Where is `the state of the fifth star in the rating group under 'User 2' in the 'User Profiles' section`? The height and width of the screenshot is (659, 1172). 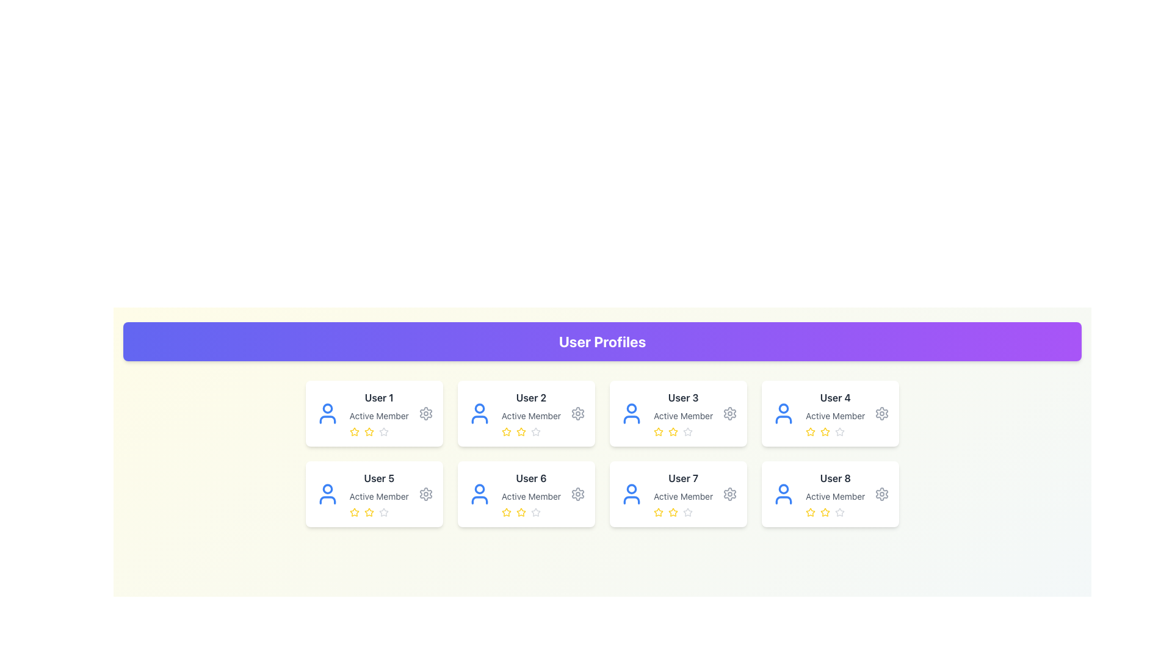 the state of the fifth star in the rating group under 'User 2' in the 'User Profiles' section is located at coordinates (535, 431).